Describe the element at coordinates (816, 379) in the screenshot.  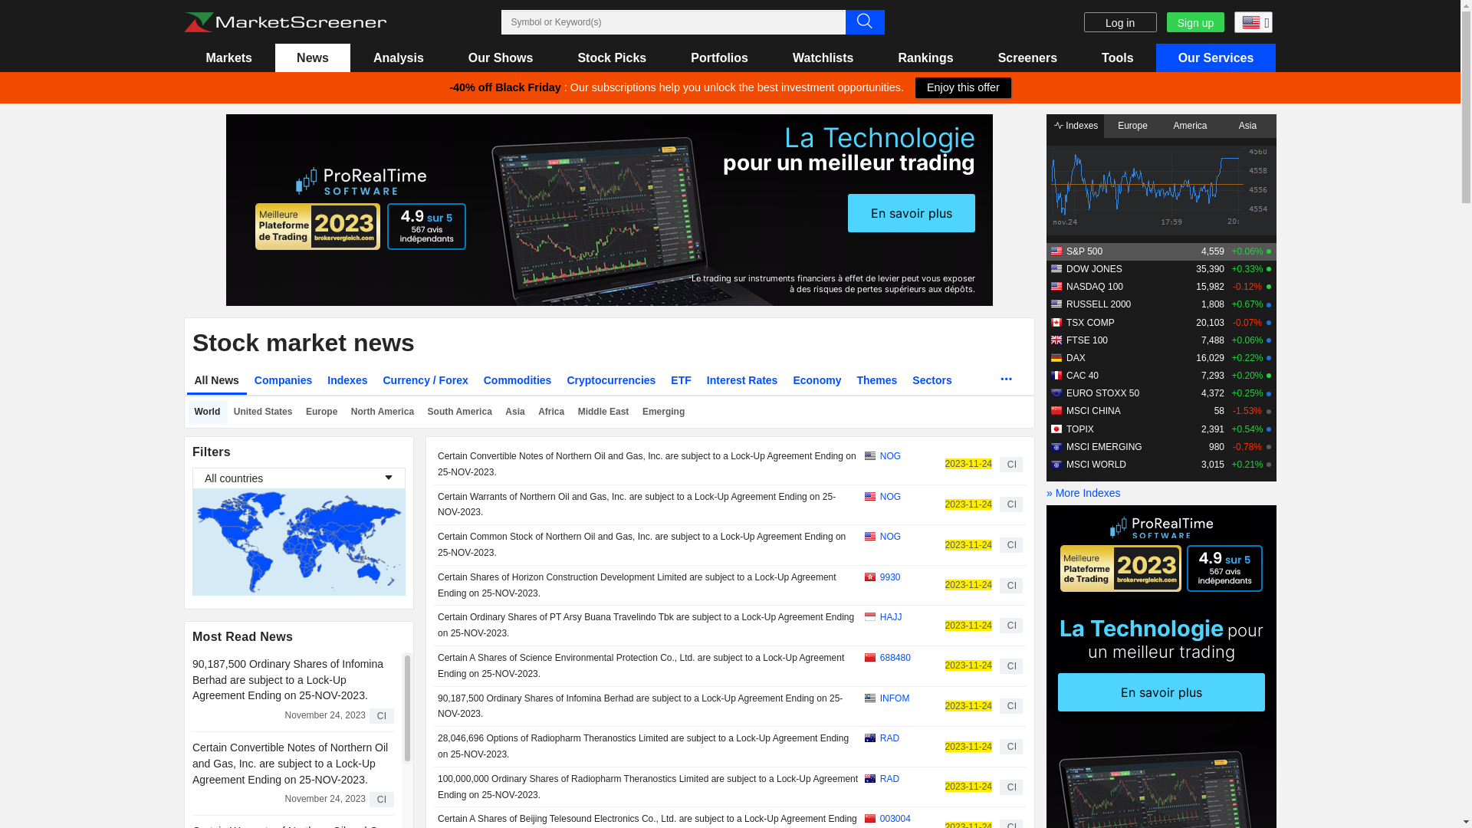
I see `'Economy'` at that location.